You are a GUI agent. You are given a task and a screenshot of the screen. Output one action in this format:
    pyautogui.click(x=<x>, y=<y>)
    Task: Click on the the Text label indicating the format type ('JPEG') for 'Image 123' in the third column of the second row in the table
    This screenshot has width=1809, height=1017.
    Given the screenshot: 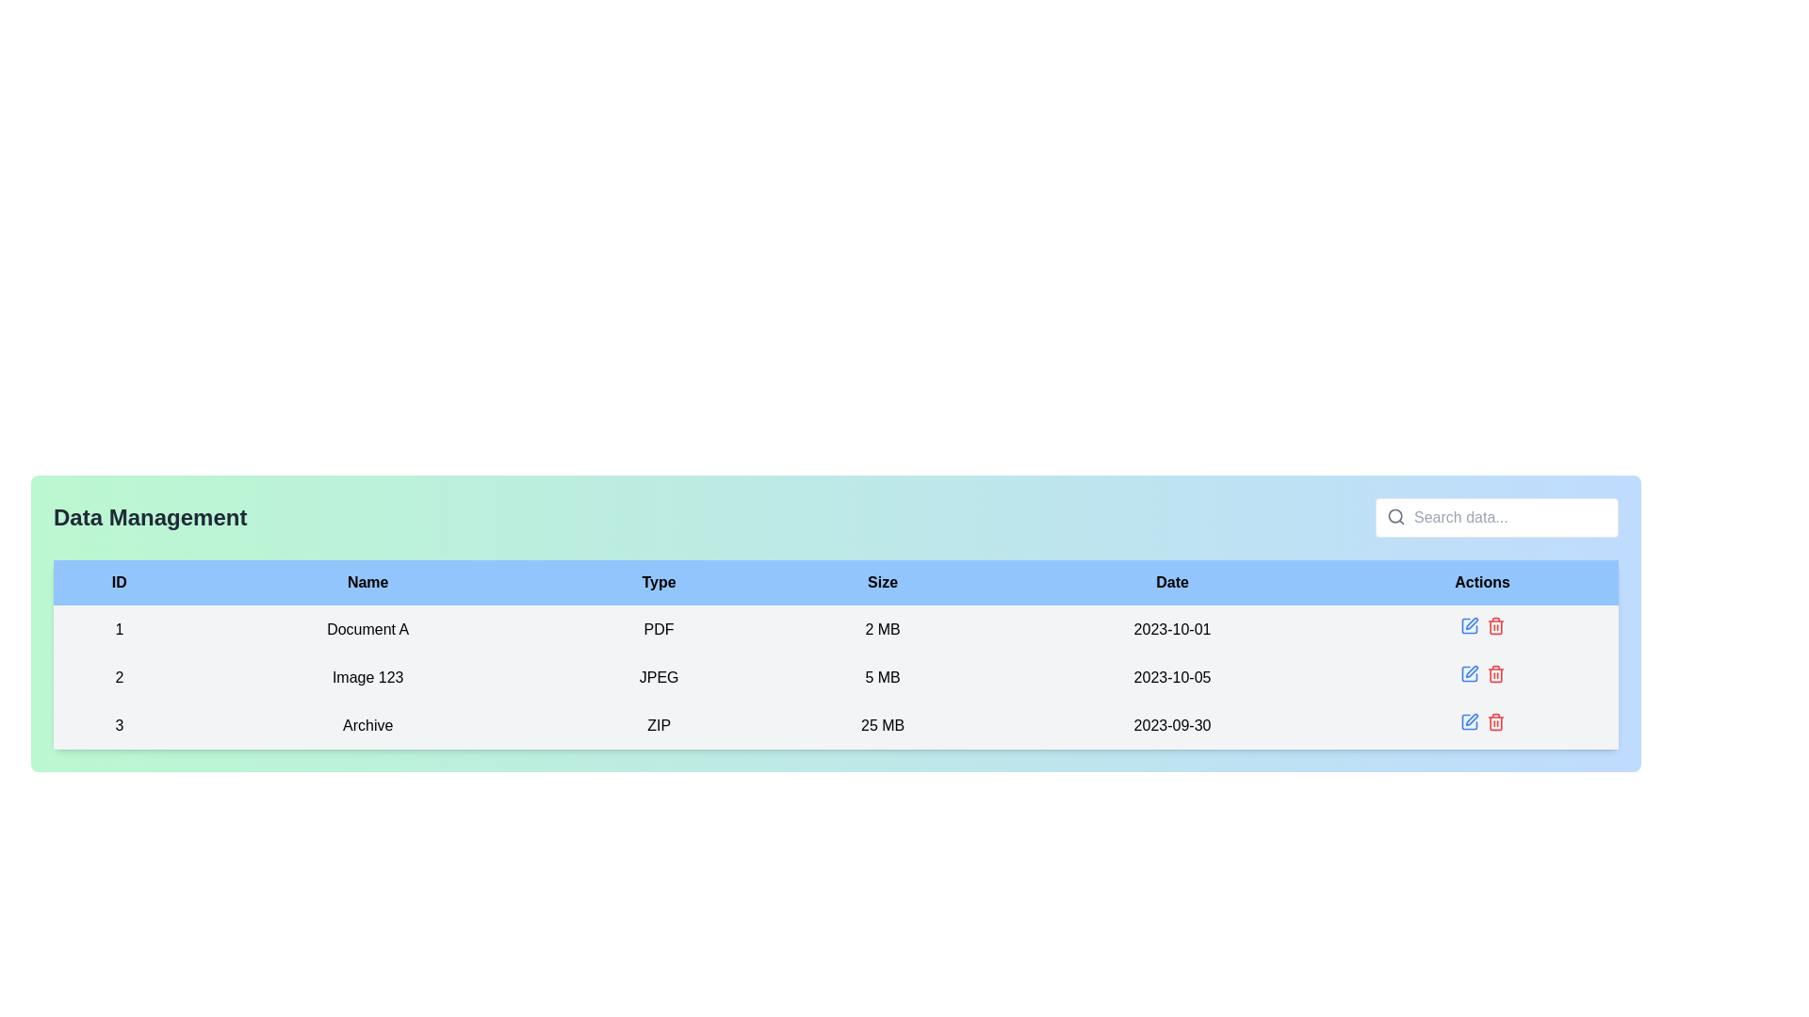 What is the action you would take?
    pyautogui.click(x=659, y=676)
    